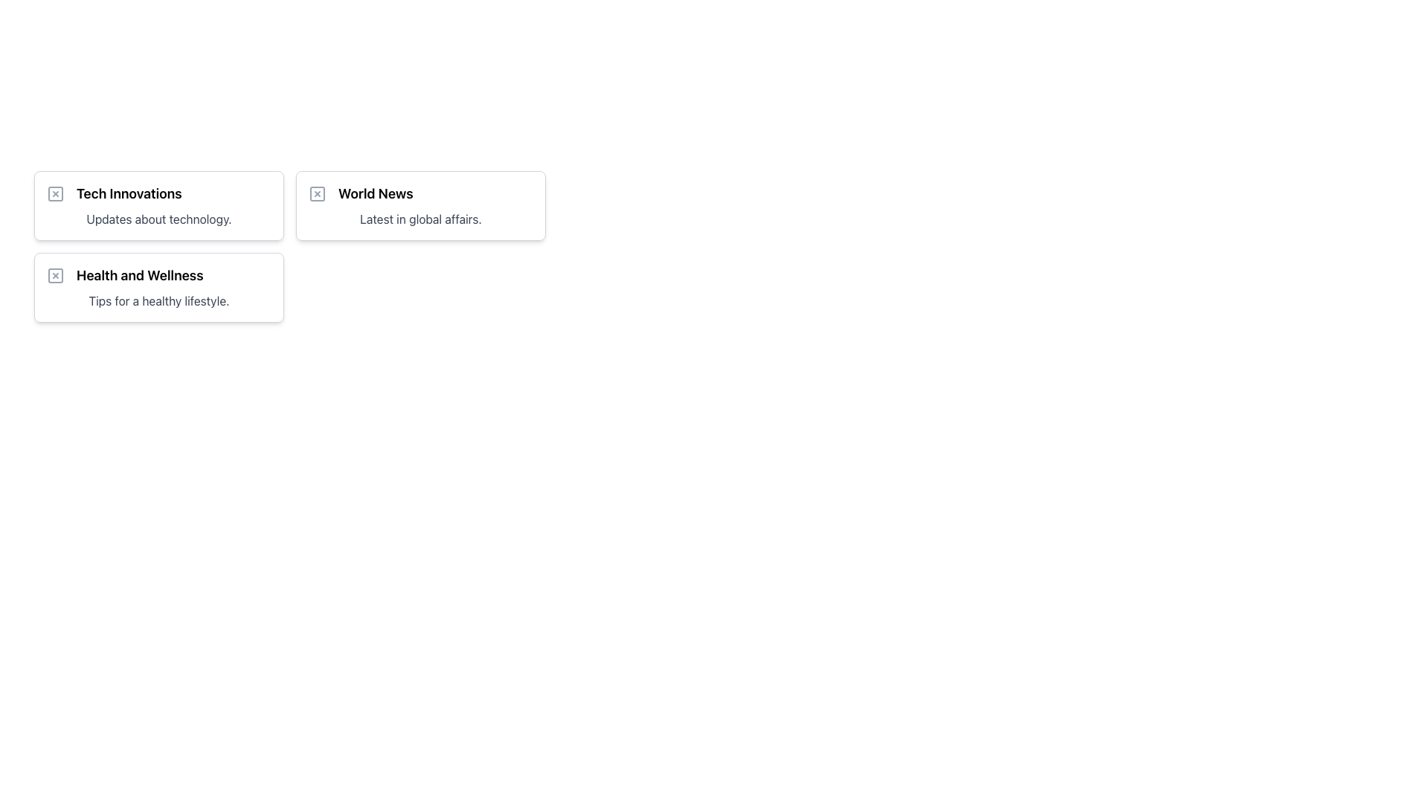 Image resolution: width=1428 pixels, height=803 pixels. Describe the element at coordinates (159, 287) in the screenshot. I see `to select or open the Informational card located in the bottom-left corner of the group, positioned below the 'Tech Innovations' card and to the left of the 'World News' card` at that location.